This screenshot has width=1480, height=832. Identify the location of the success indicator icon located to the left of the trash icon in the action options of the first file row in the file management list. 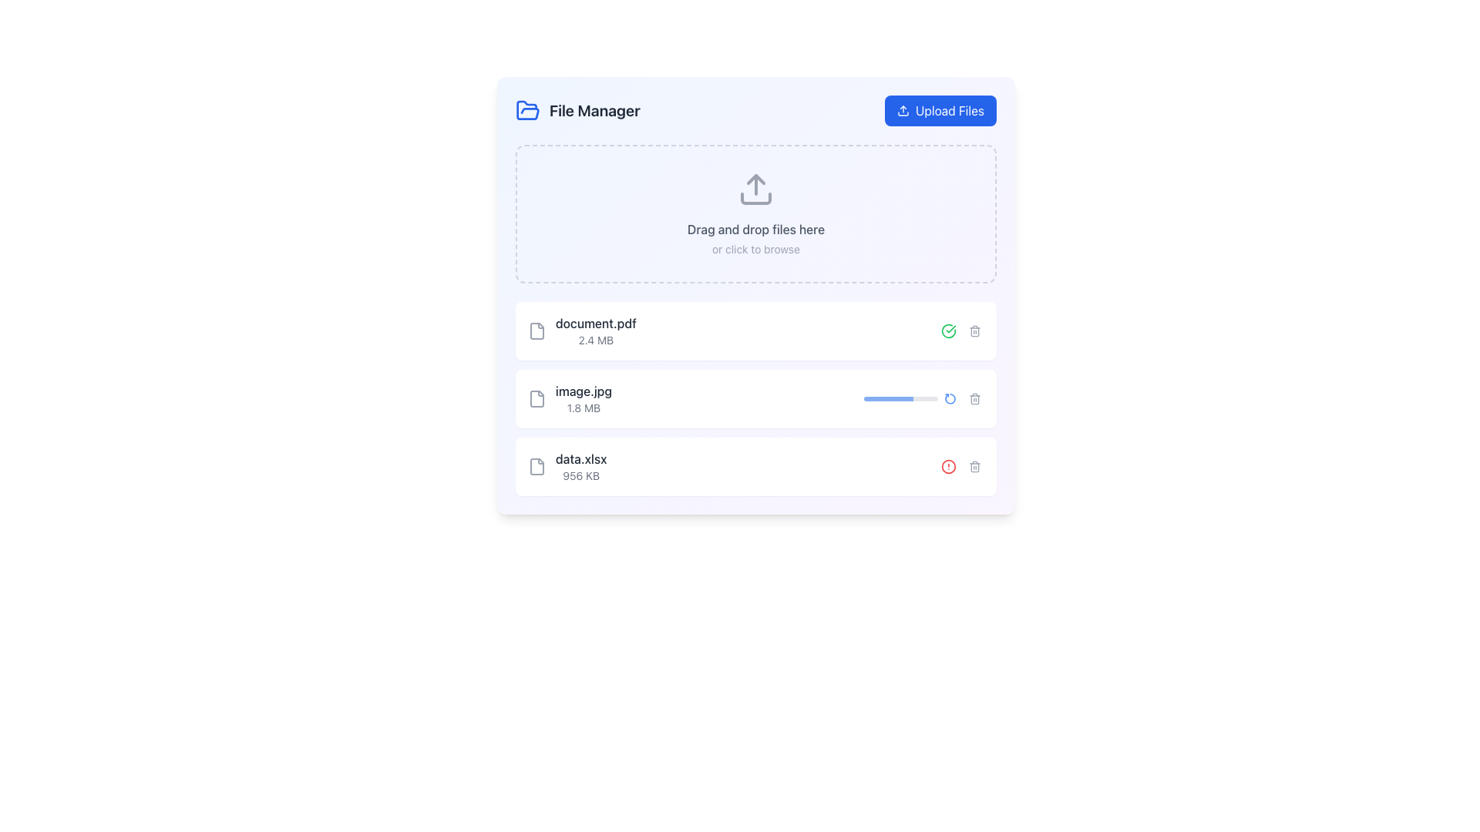
(947, 330).